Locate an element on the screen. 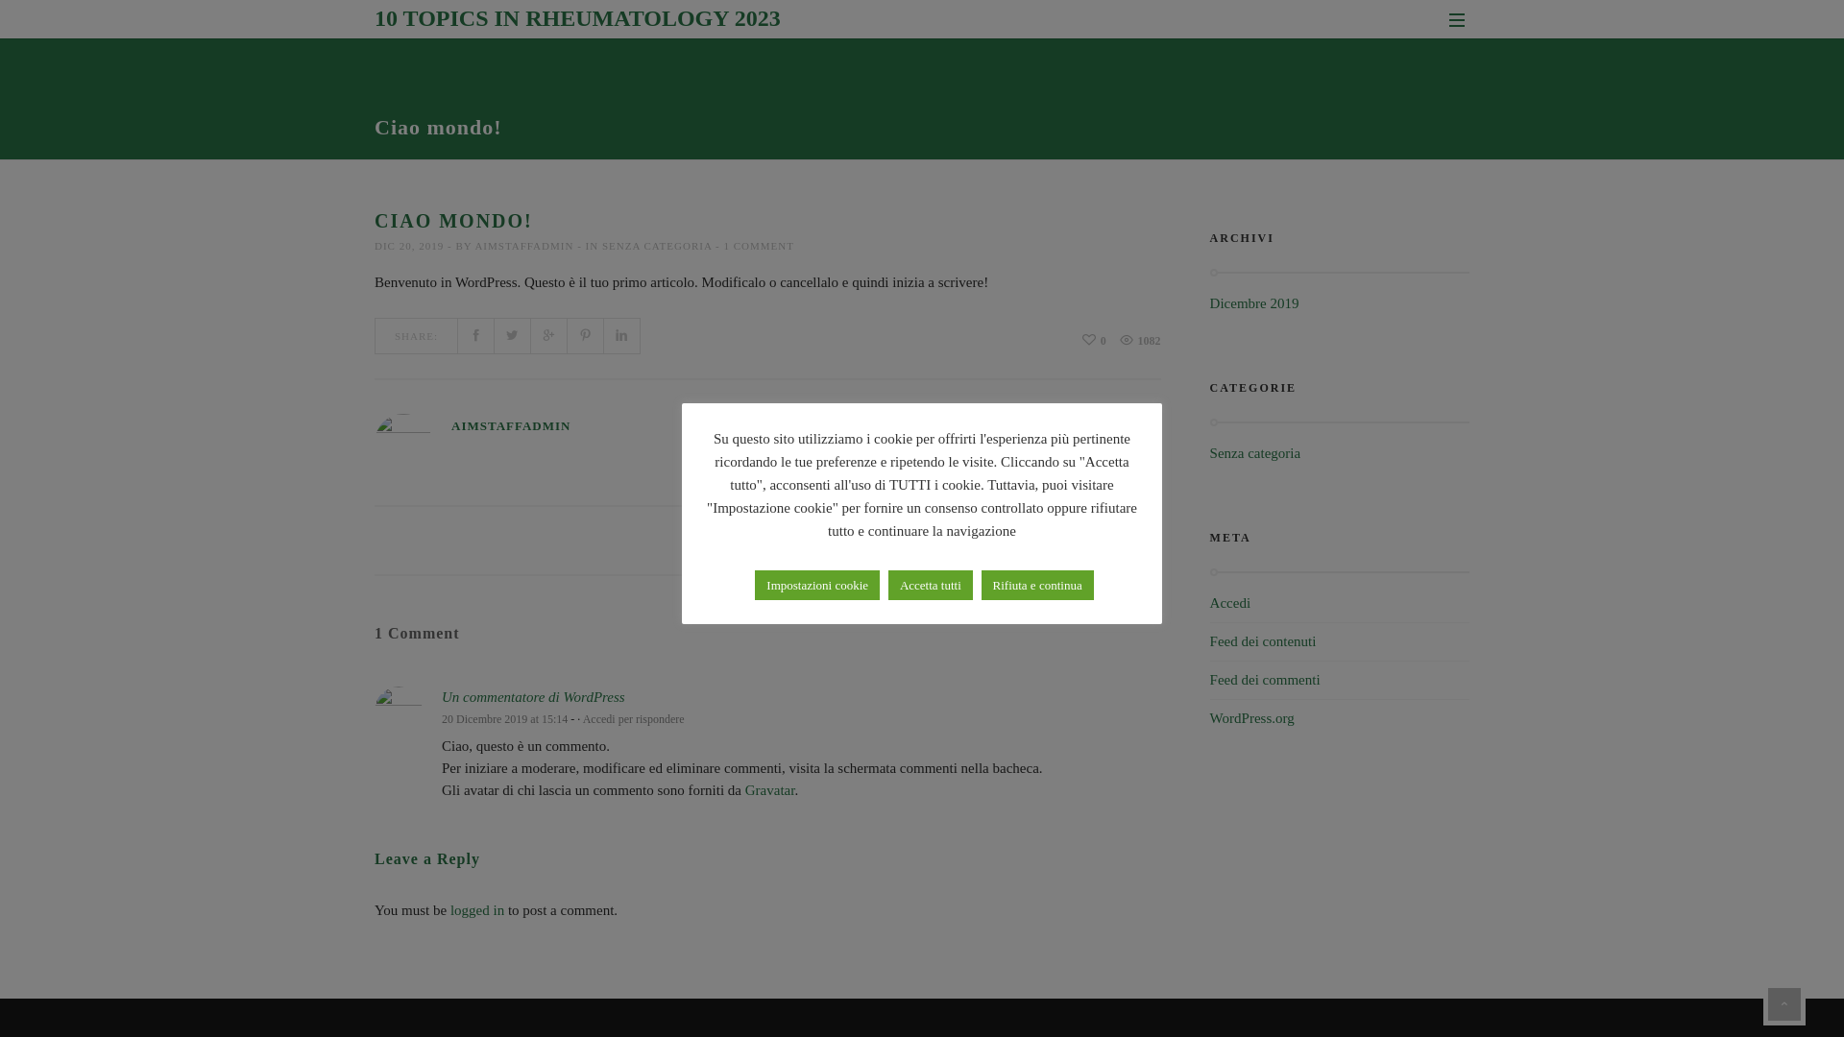 This screenshot has height=1037, width=1844. 'Dicembre 2019' is located at coordinates (1254, 302).